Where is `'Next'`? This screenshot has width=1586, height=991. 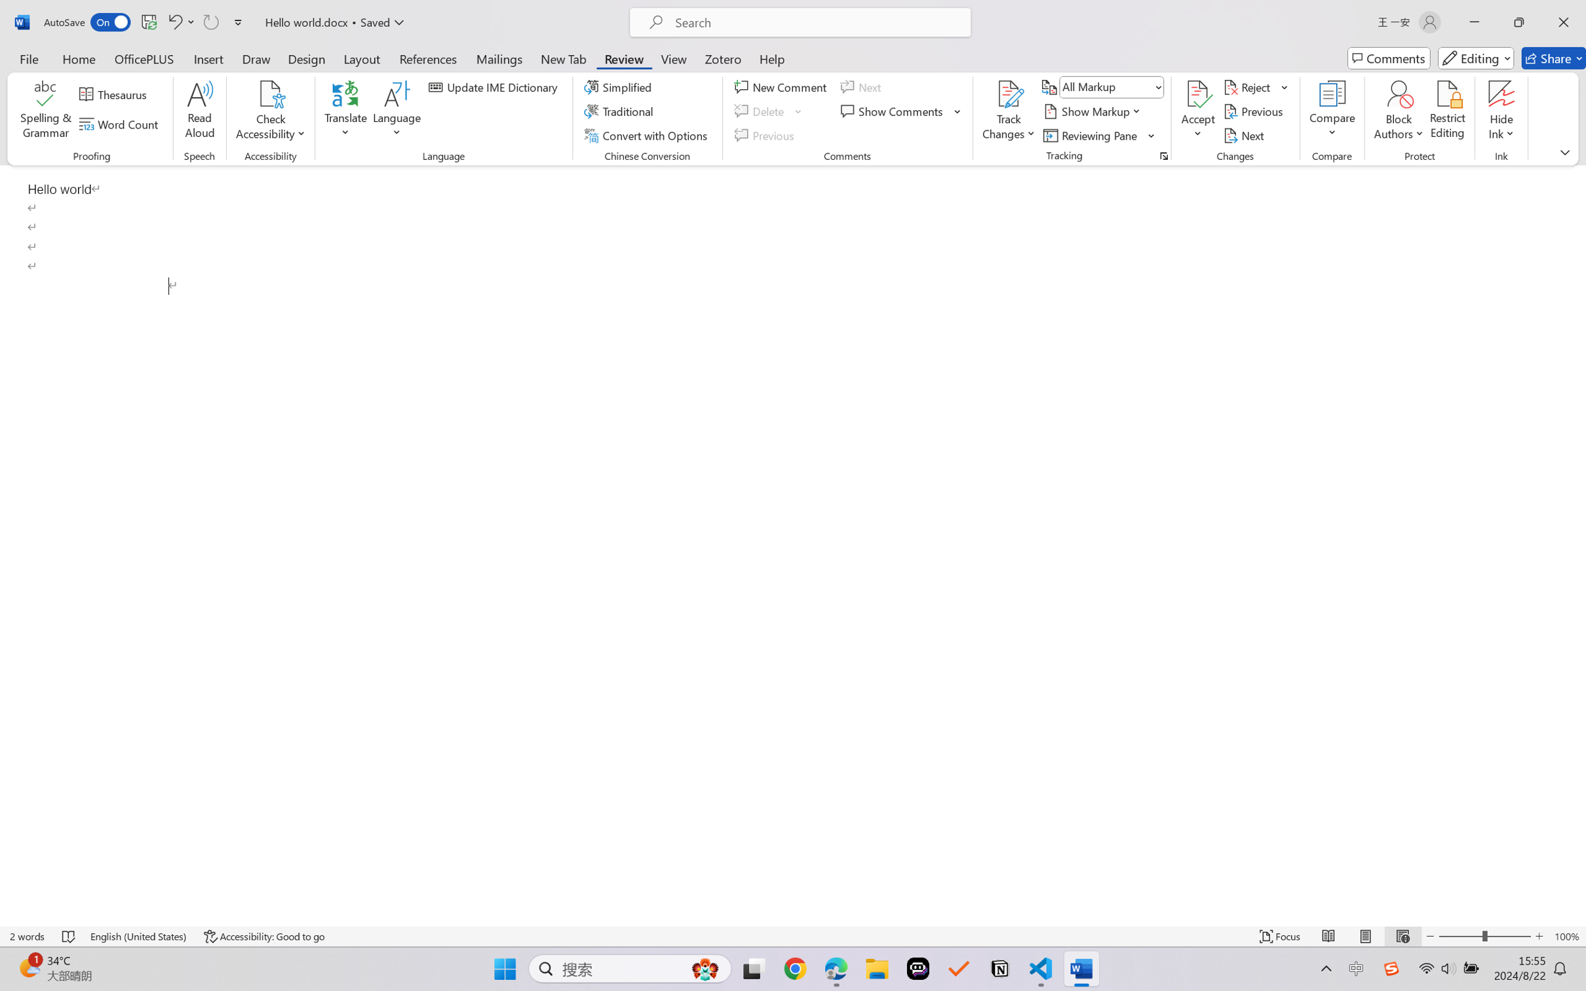
'Next' is located at coordinates (1245, 136).